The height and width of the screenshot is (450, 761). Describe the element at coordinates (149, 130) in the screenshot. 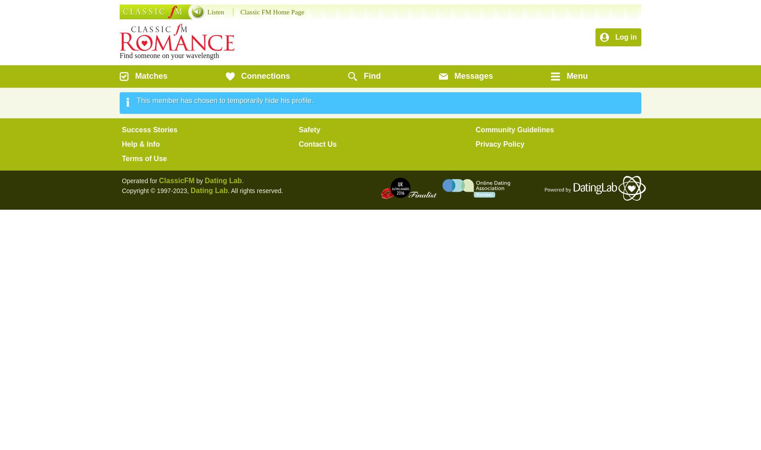

I see `'Success Stories'` at that location.